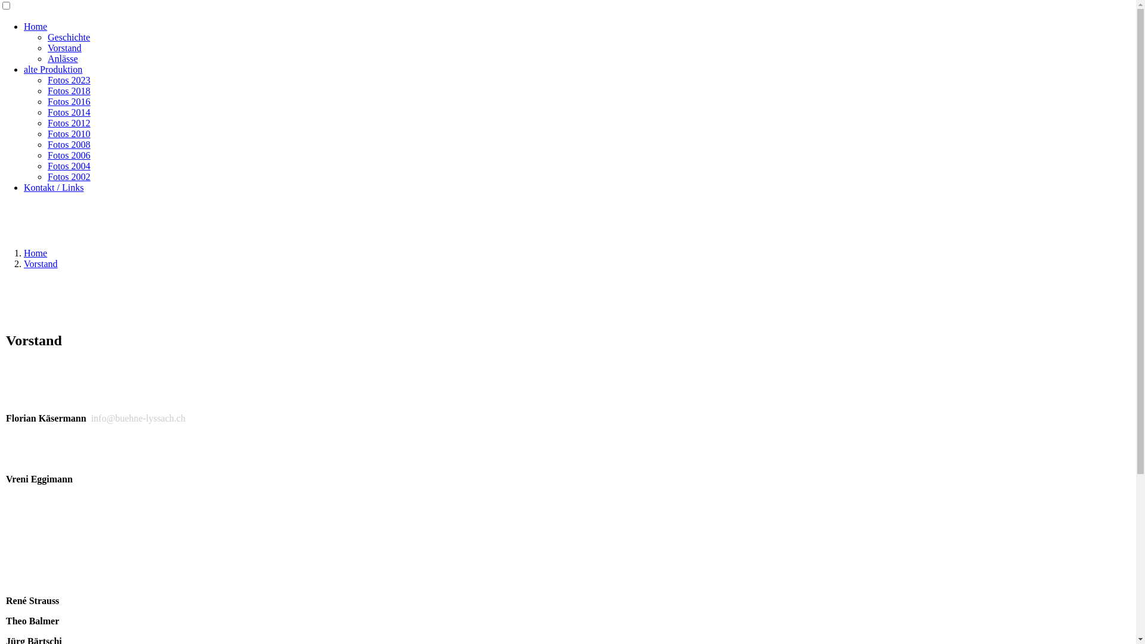 This screenshot has width=1145, height=644. What do you see at coordinates (48, 123) in the screenshot?
I see `'Fotos 2012'` at bounding box center [48, 123].